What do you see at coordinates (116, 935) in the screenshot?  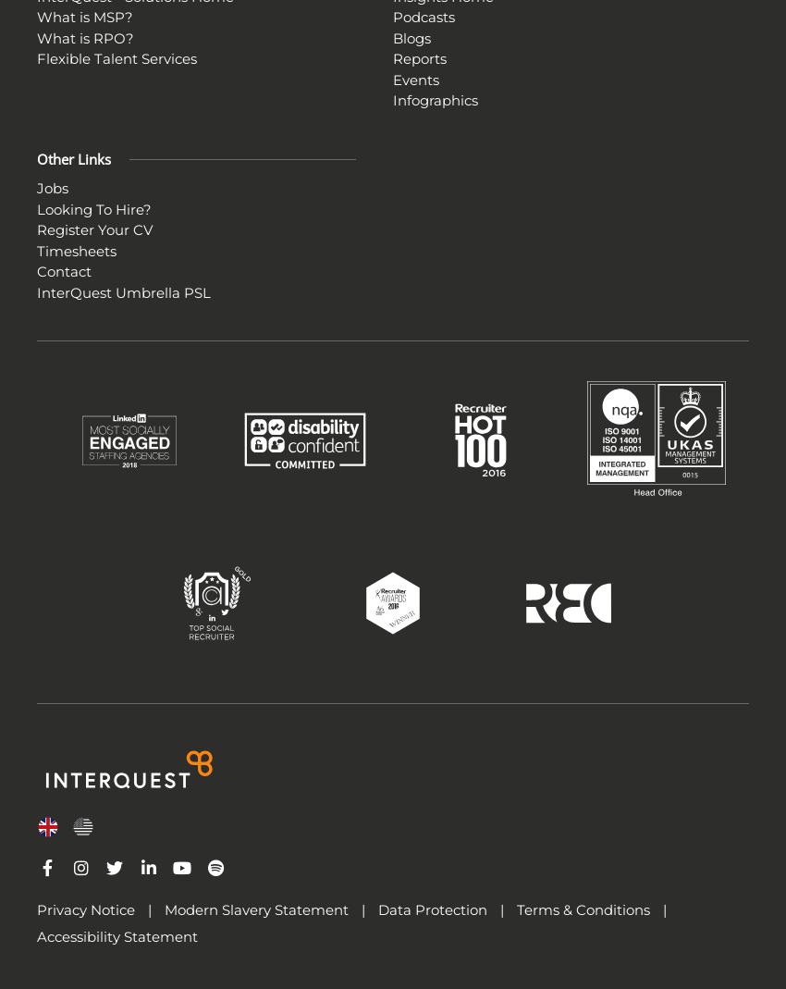 I see `'Accessibility Statement'` at bounding box center [116, 935].